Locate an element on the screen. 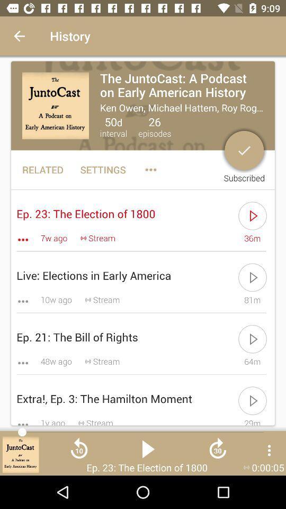 The width and height of the screenshot is (286, 509). the more icon is located at coordinates (269, 450).